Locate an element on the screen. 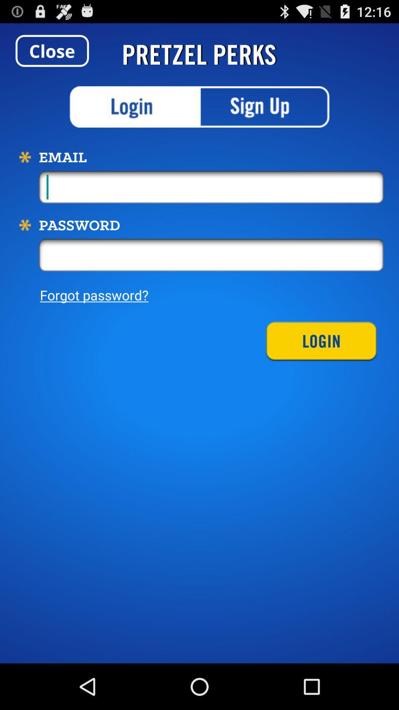 This screenshot has height=710, width=399. email address is located at coordinates (211, 187).